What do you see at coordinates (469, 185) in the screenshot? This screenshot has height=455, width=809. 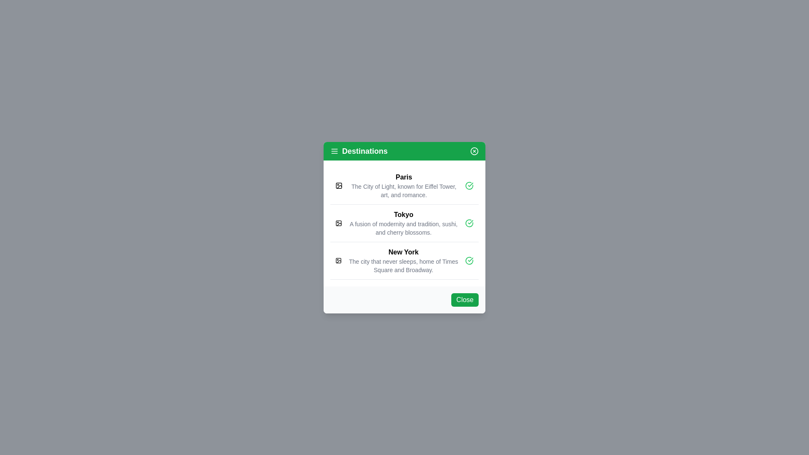 I see `the circular green checkmark icon adjacent to the 'Paris' title` at bounding box center [469, 185].